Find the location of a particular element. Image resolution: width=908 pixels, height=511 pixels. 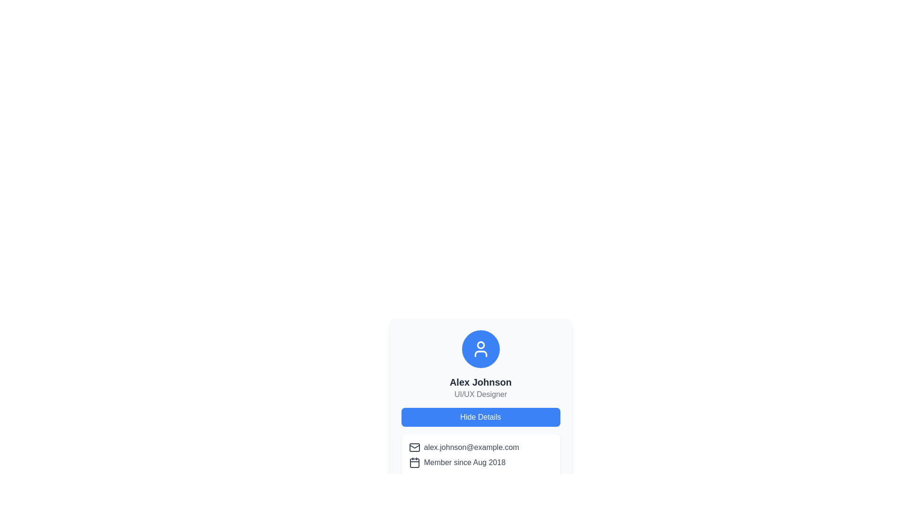

the Informational card section that provides the user's contact email and membership start date, located below the 'Hide Details' button in the user profile card is located at coordinates (480, 454).